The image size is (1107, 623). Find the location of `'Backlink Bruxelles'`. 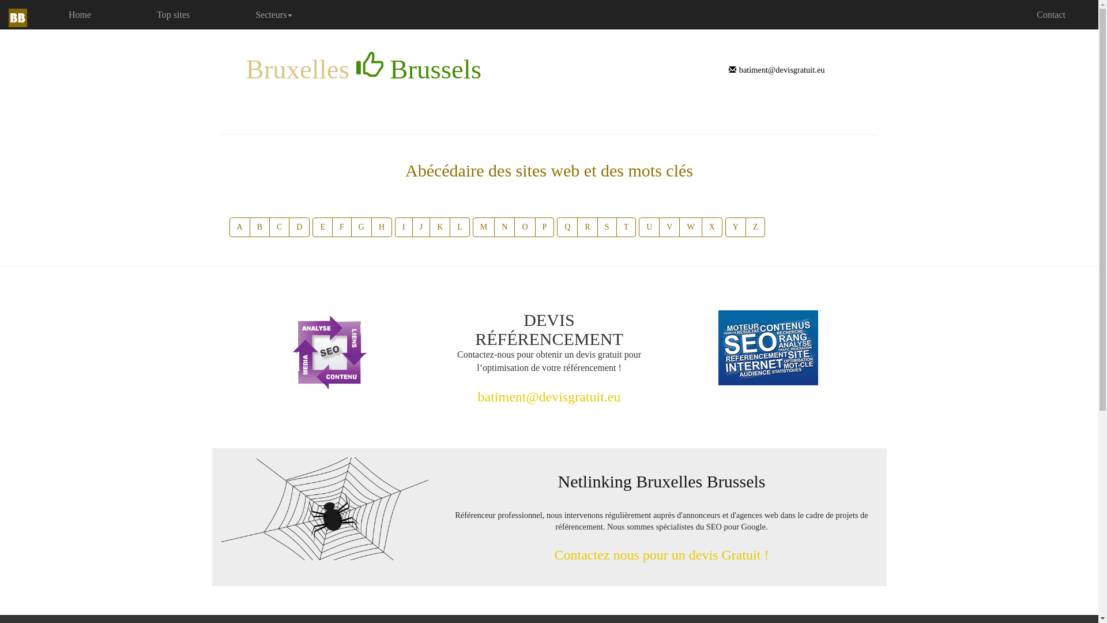

'Backlink Bruxelles' is located at coordinates (323, 508).